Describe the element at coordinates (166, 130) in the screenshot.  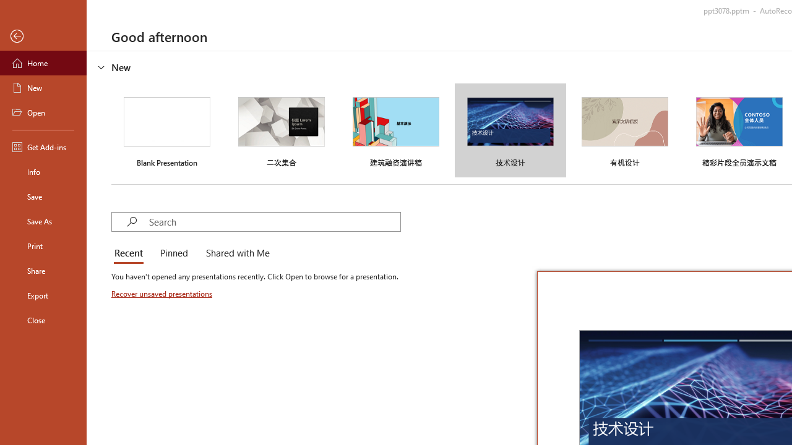
I see `'Blank Presentation'` at that location.